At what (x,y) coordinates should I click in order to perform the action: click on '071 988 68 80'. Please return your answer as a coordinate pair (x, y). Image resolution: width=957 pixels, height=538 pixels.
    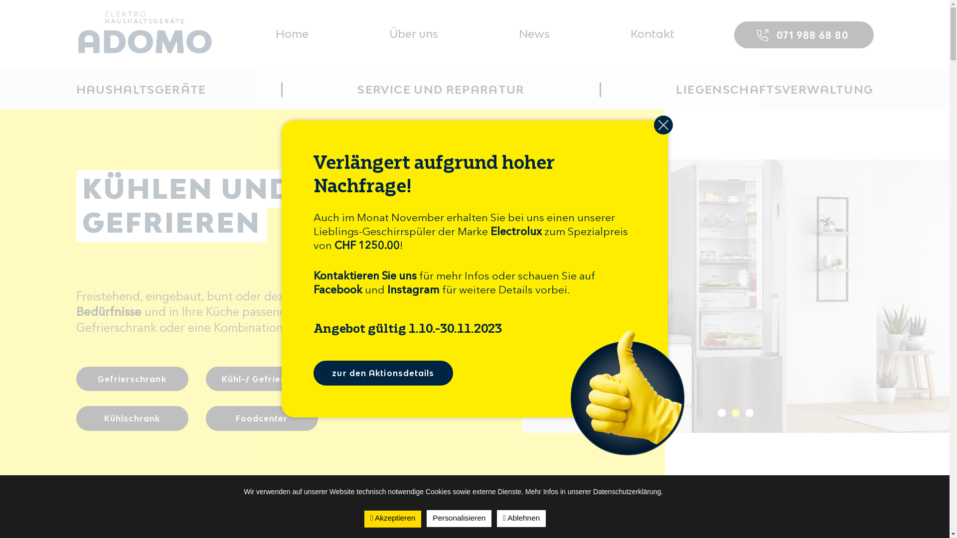
    Looking at the image, I should click on (803, 34).